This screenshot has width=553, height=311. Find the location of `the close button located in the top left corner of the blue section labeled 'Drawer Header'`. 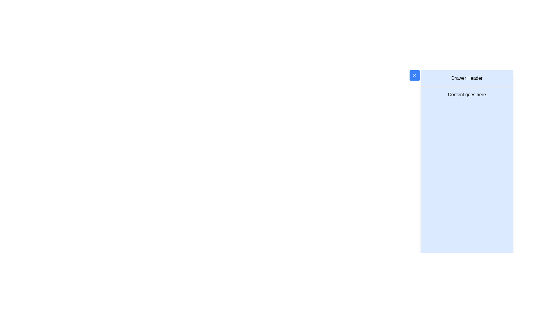

the close button located in the top left corner of the blue section labeled 'Drawer Header' is located at coordinates (414, 75).